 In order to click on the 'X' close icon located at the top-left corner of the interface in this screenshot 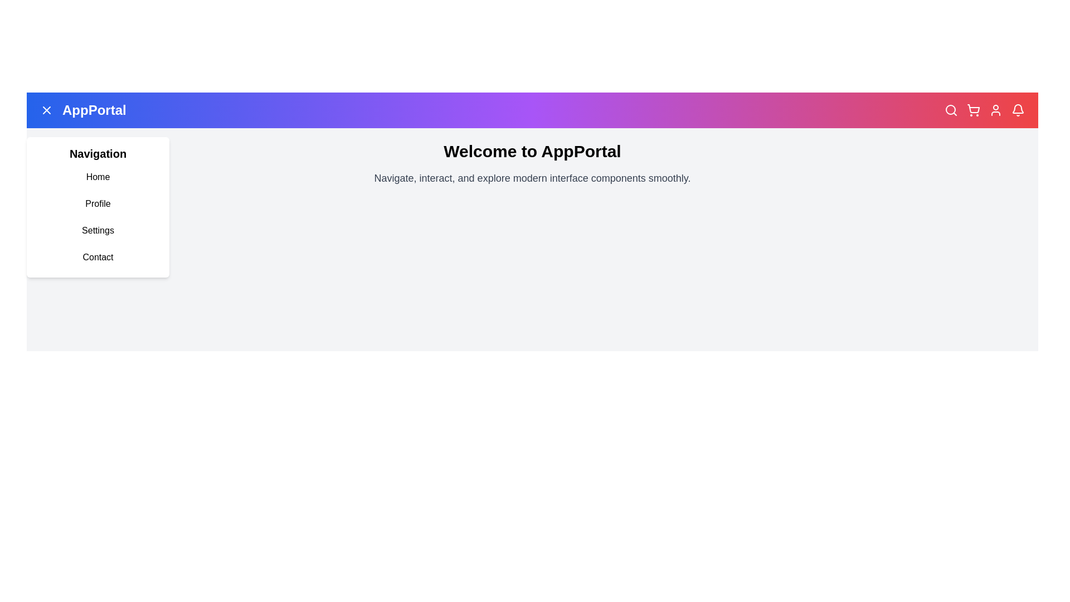, I will do `click(46, 110)`.